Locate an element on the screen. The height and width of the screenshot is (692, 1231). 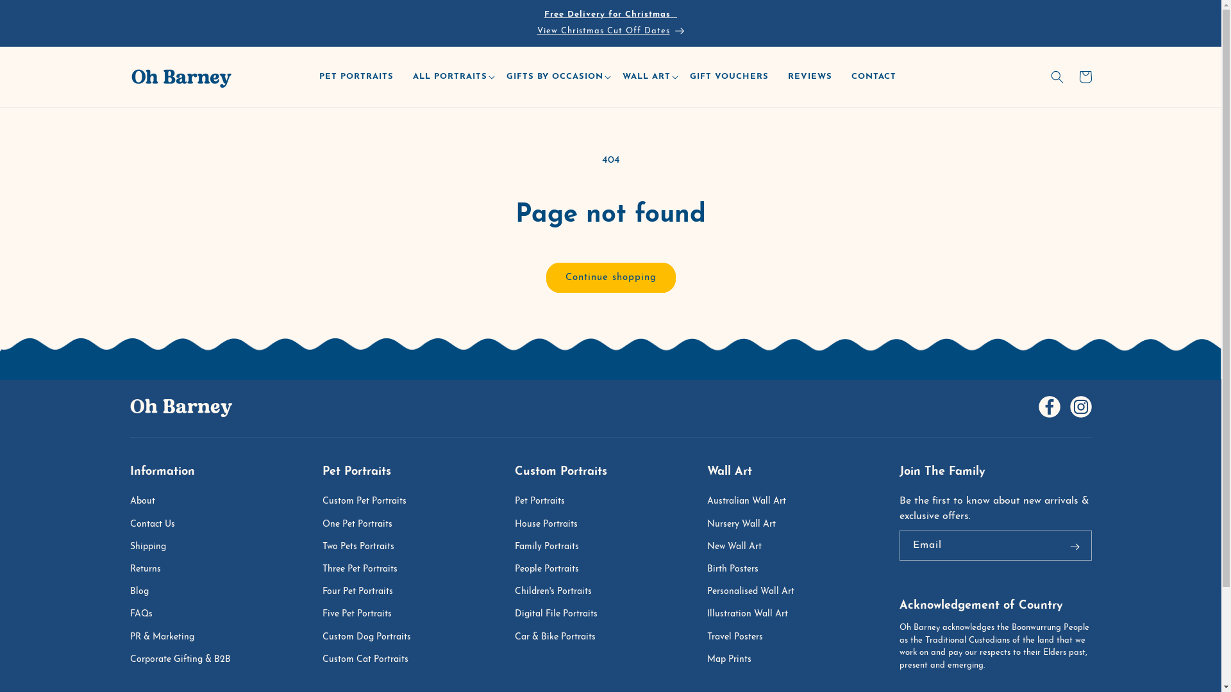
'REVIEWS' is located at coordinates (780, 77).